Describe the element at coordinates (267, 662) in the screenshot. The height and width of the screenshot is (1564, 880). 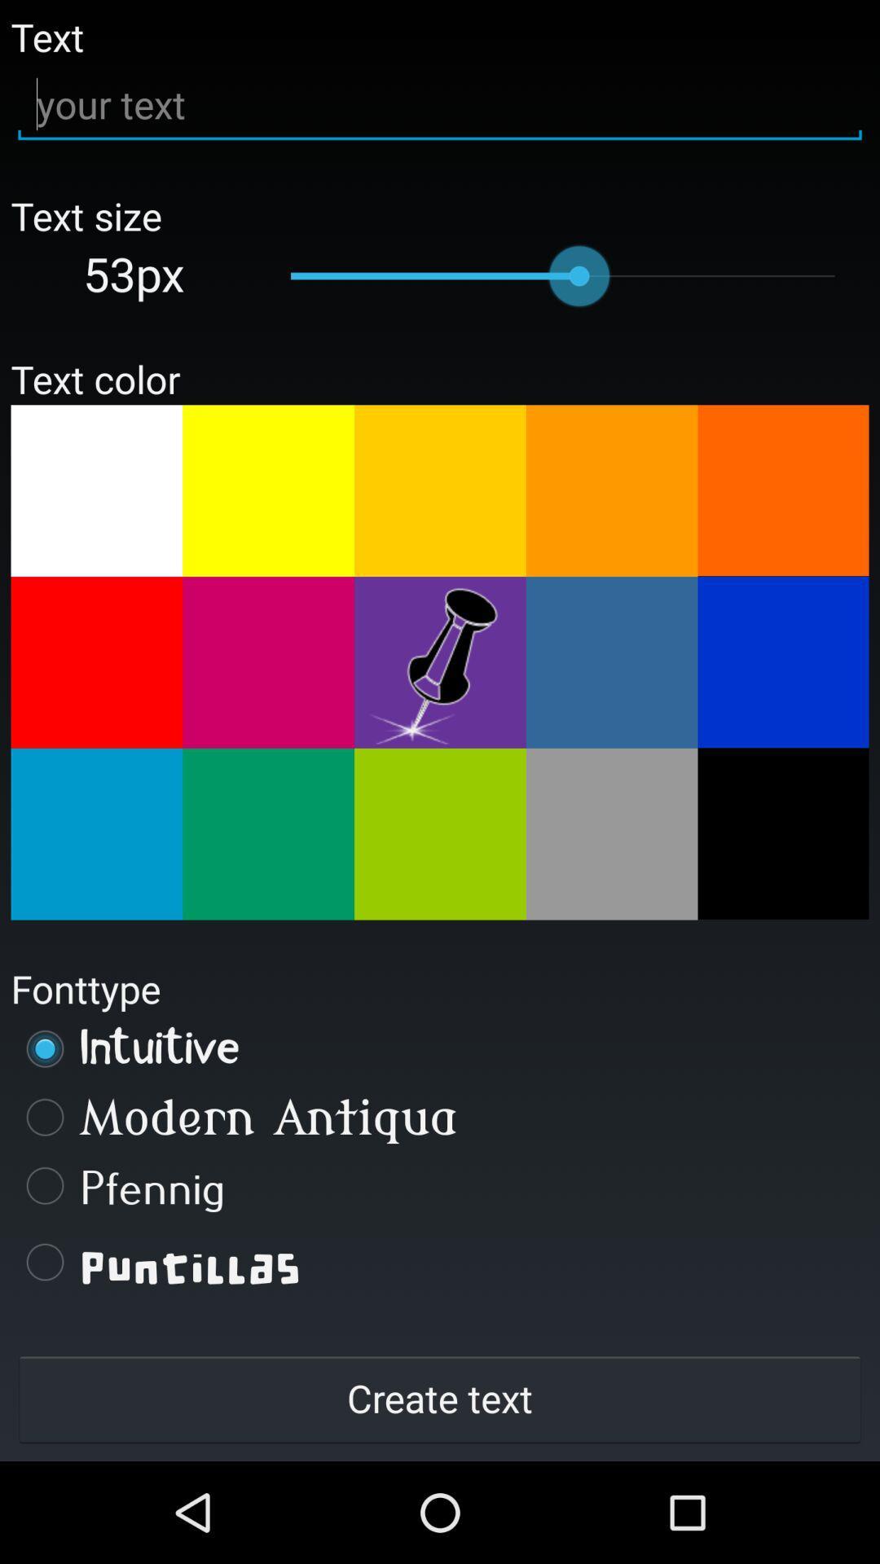
I see `magenta color` at that location.